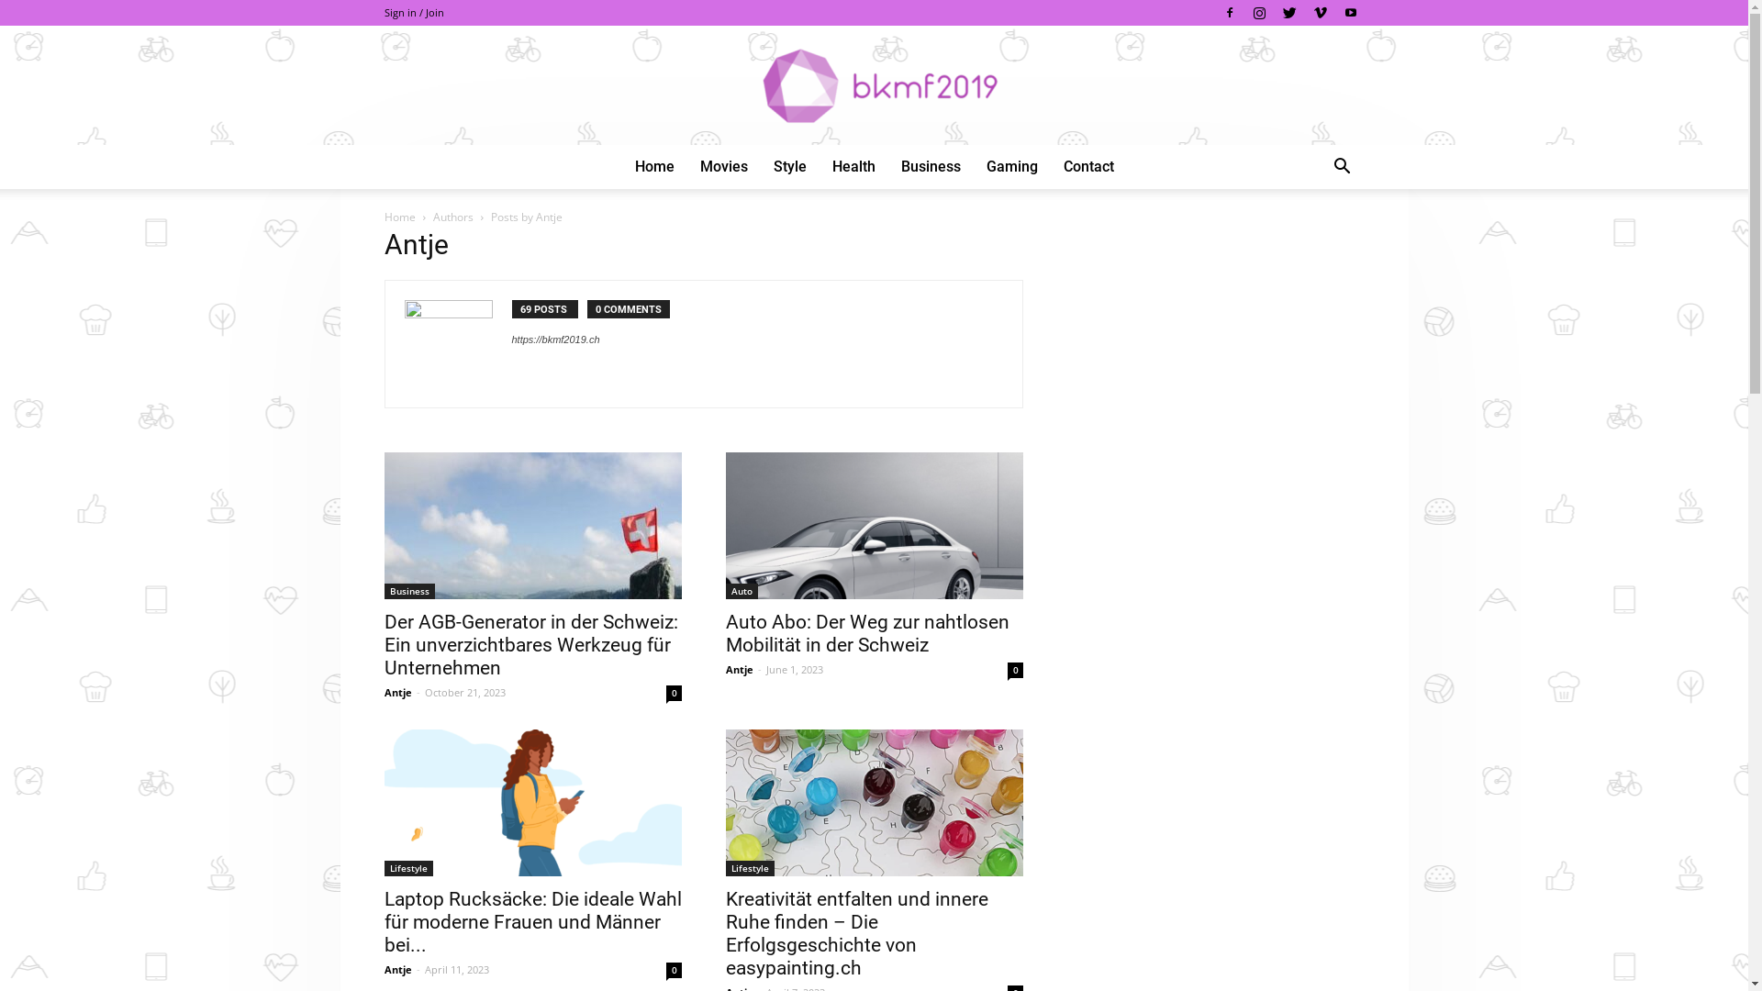 This screenshot has width=1762, height=991. I want to click on 'Instagram', so click(1246, 13).